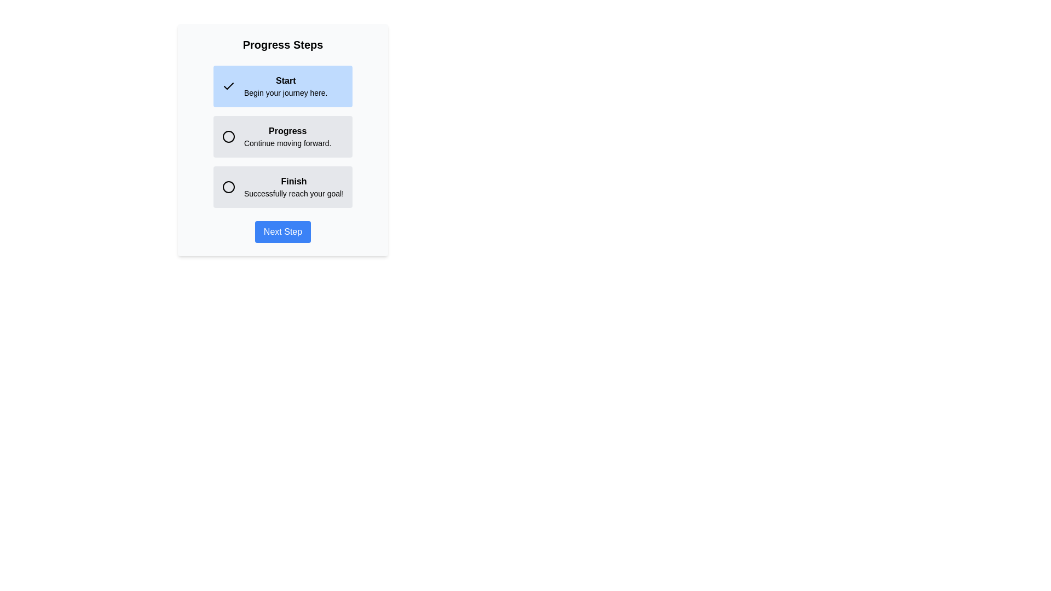  Describe the element at coordinates (287, 136) in the screenshot. I see `the Text block that communicates the current step status in the multi-step process, positioned centrally below the 'Start' step and above the 'Finish' step` at that location.